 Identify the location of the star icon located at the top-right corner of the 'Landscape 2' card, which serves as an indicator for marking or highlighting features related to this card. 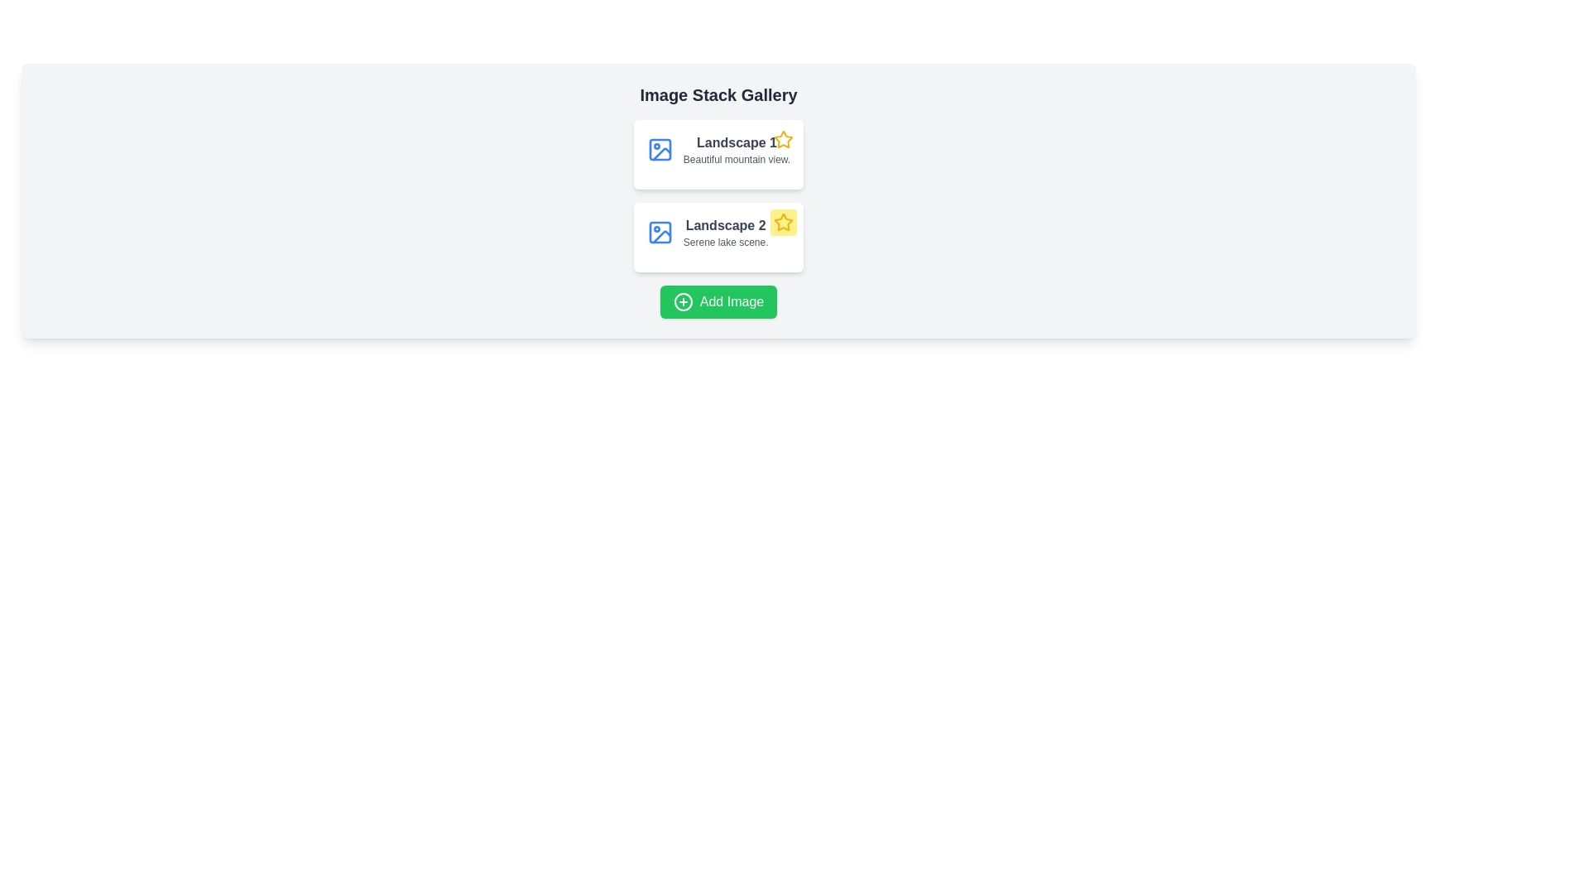
(783, 222).